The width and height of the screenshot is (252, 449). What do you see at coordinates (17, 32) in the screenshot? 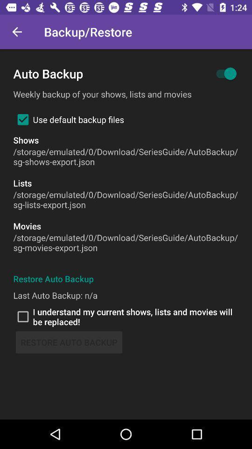
I see `icon next to backup/restore item` at bounding box center [17, 32].